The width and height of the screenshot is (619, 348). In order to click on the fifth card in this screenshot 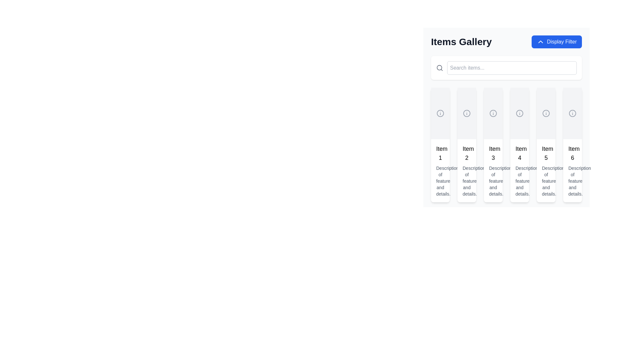, I will do `click(546, 145)`.